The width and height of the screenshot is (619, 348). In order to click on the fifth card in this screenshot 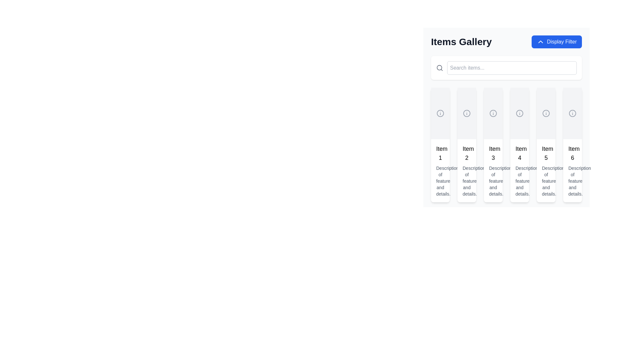, I will do `click(546, 145)`.